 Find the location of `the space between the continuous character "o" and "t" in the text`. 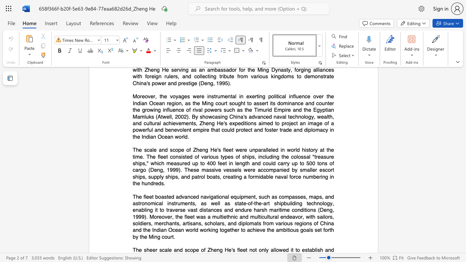

the space between the continuous character "o" and "t" in the text is located at coordinates (255, 250).